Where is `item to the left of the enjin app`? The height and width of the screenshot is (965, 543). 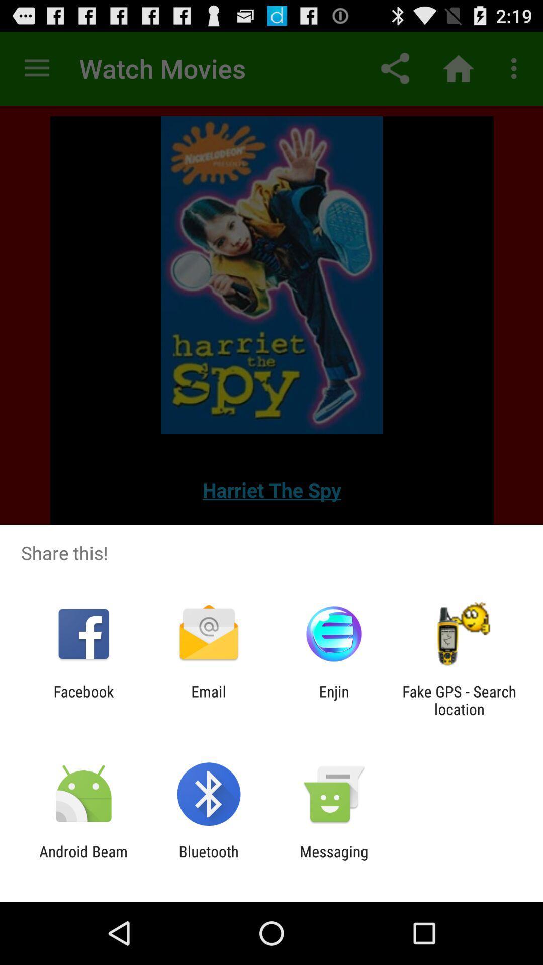 item to the left of the enjin app is located at coordinates (208, 700).